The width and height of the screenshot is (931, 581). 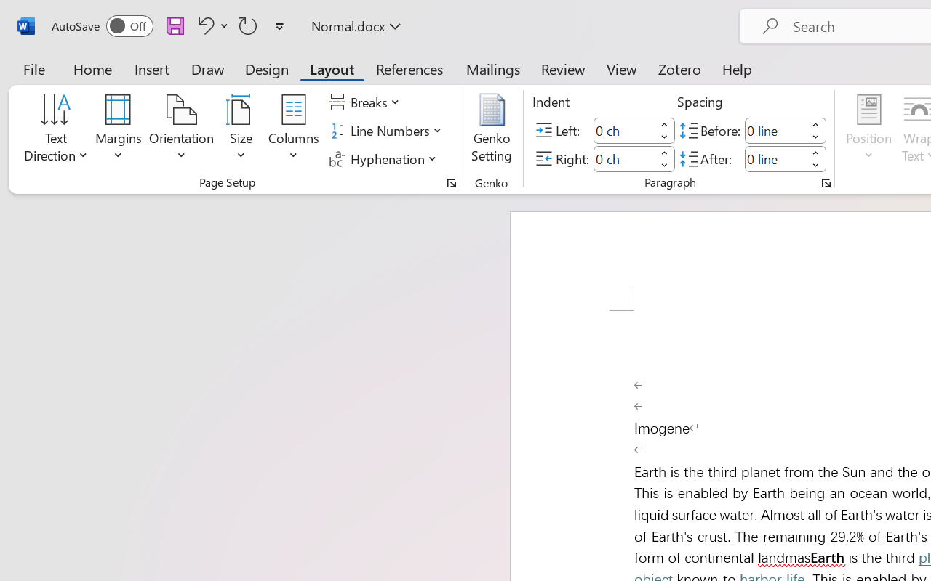 I want to click on 'Text Direction', so click(x=56, y=130).